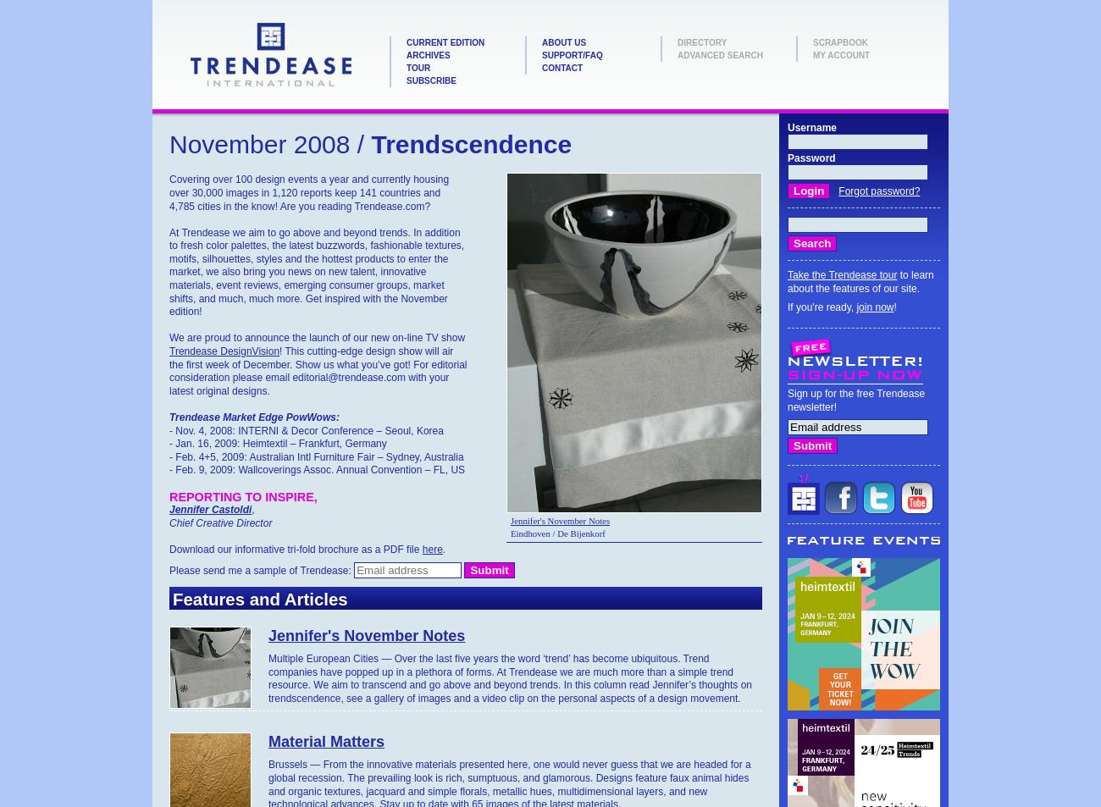  What do you see at coordinates (562, 67) in the screenshot?
I see `'Contact'` at bounding box center [562, 67].